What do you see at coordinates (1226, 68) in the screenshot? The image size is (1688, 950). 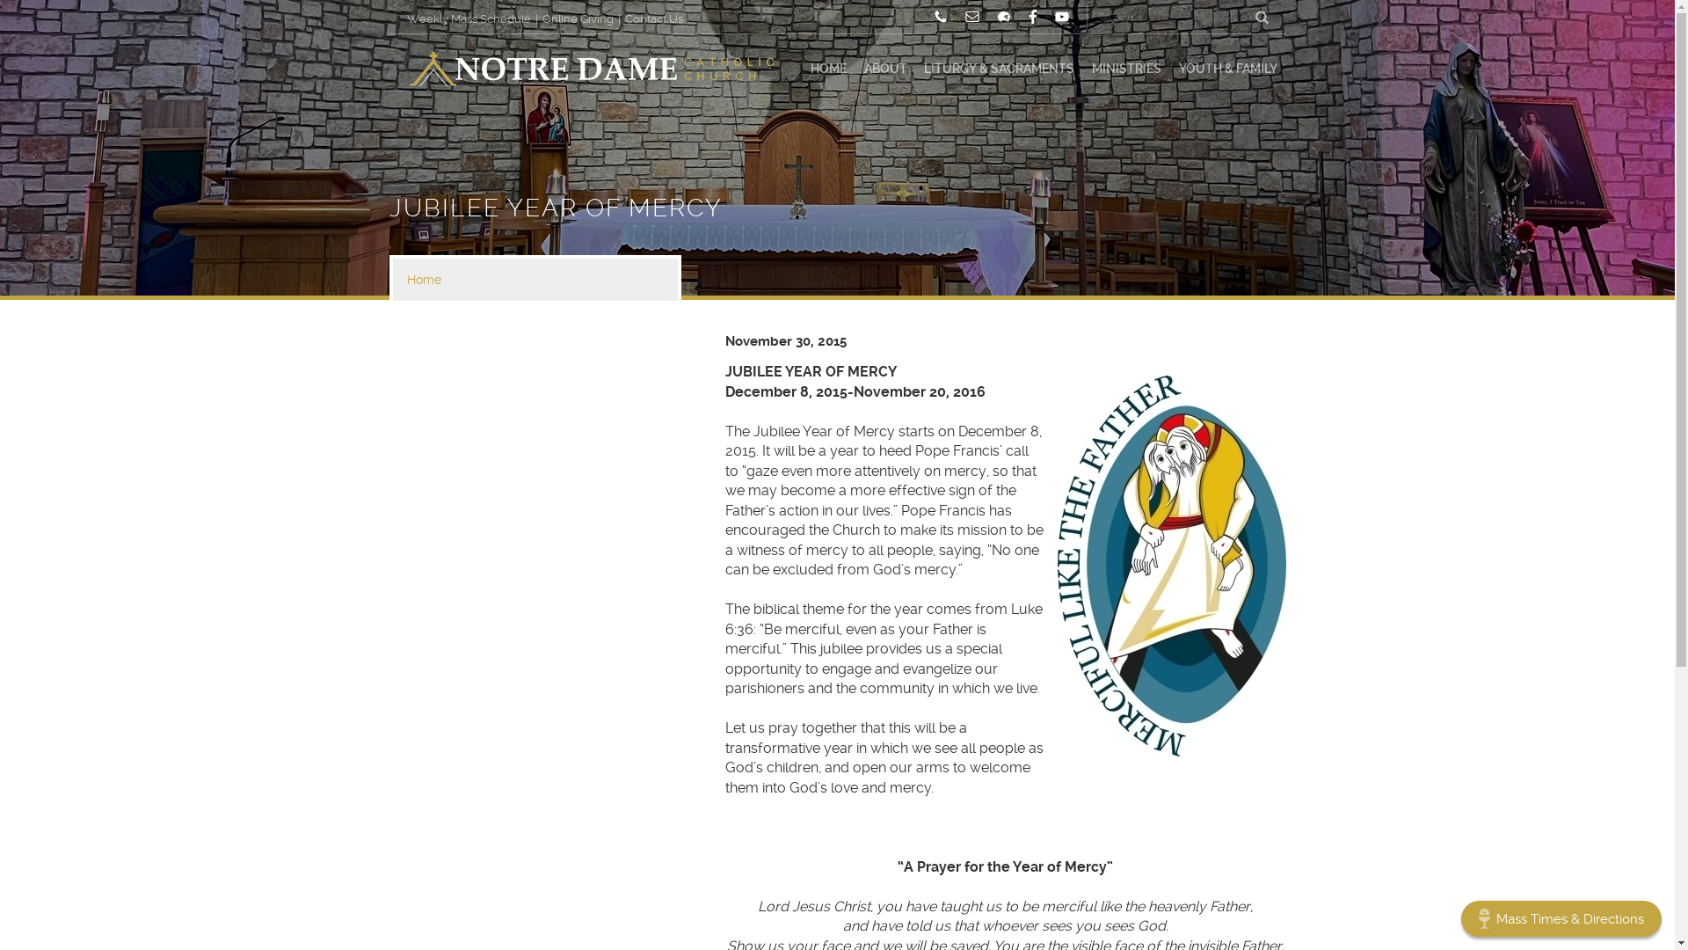 I see `'YOUTH & FAMILY'` at bounding box center [1226, 68].